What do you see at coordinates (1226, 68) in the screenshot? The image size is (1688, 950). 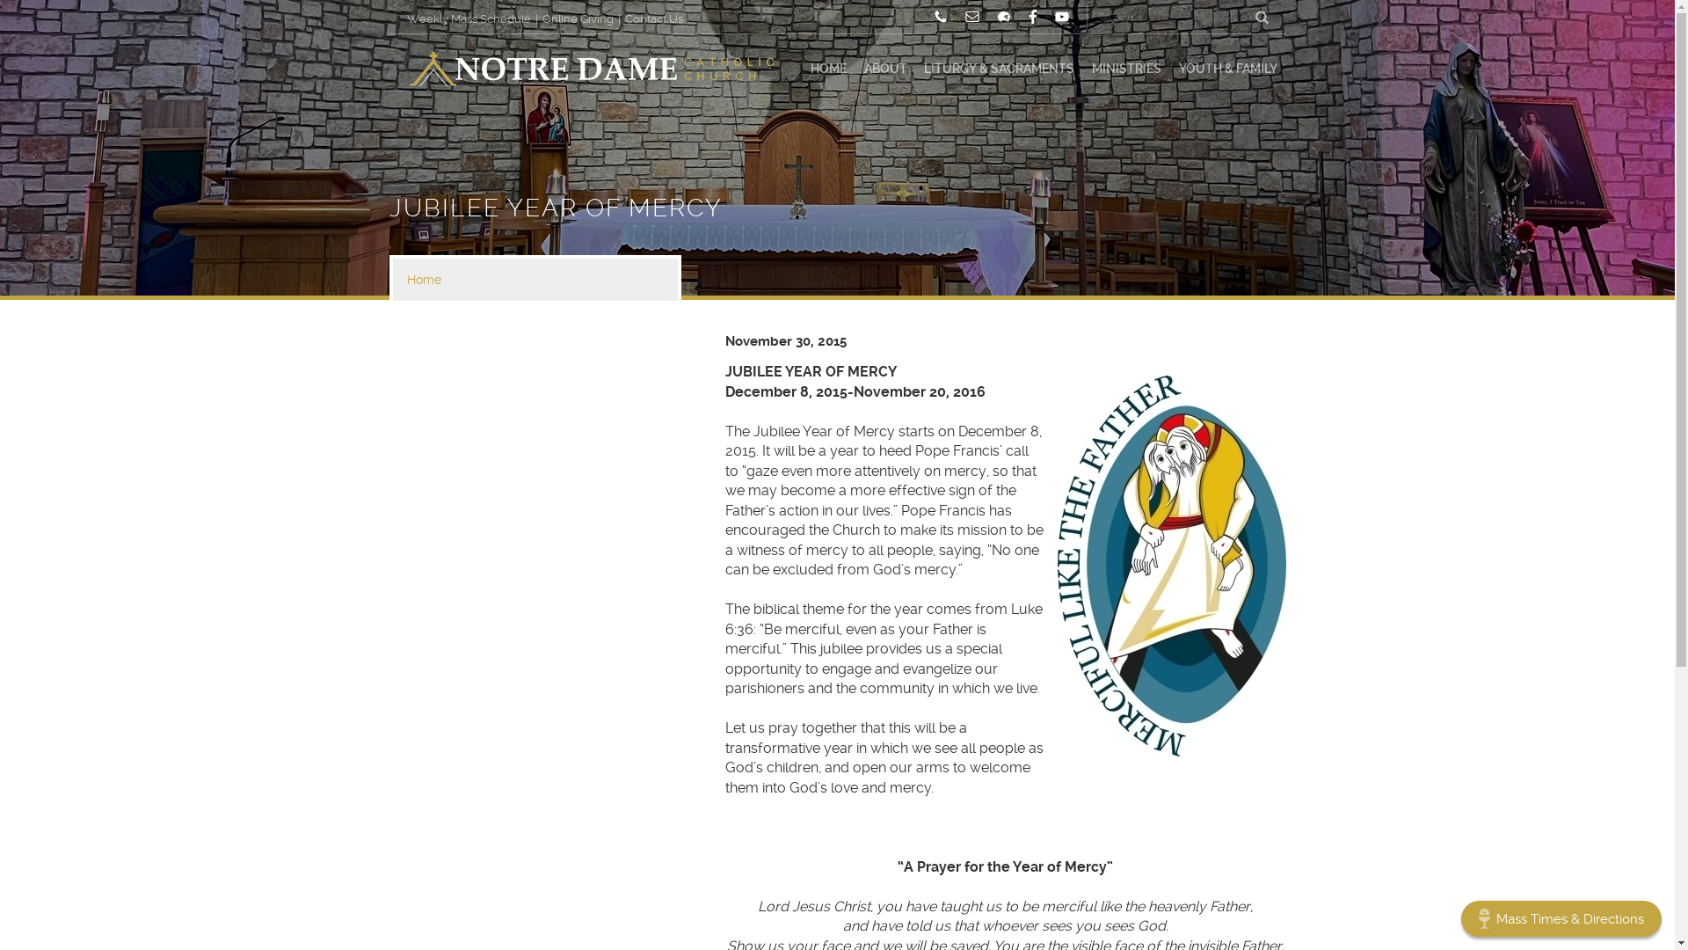 I see `'YOUTH & FAMILY'` at bounding box center [1226, 68].